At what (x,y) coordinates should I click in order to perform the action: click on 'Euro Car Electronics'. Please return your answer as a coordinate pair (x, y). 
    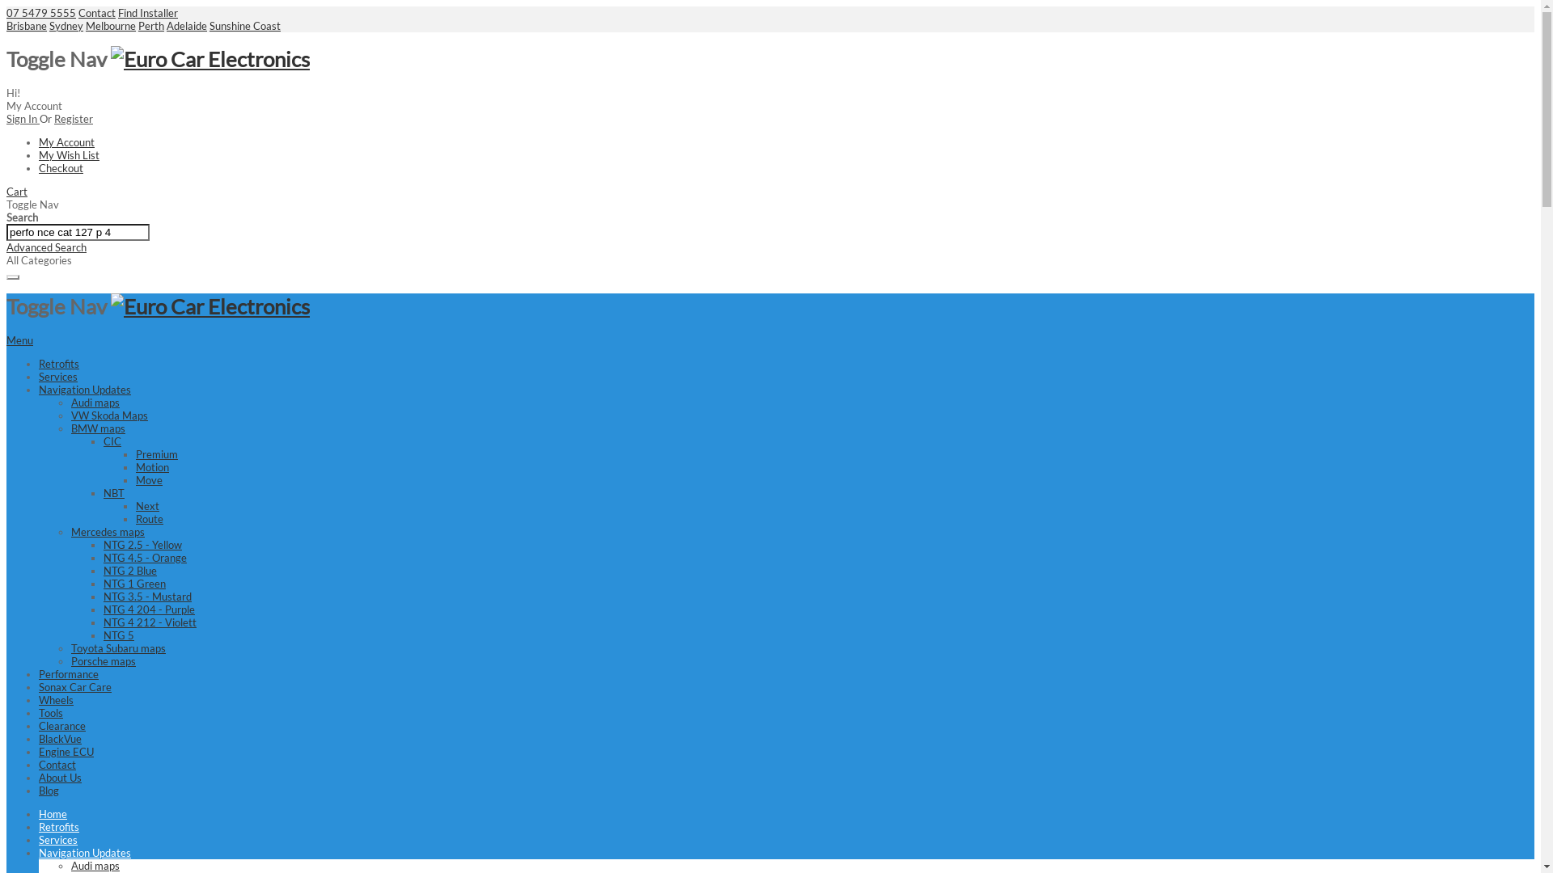
    Looking at the image, I should click on (209, 306).